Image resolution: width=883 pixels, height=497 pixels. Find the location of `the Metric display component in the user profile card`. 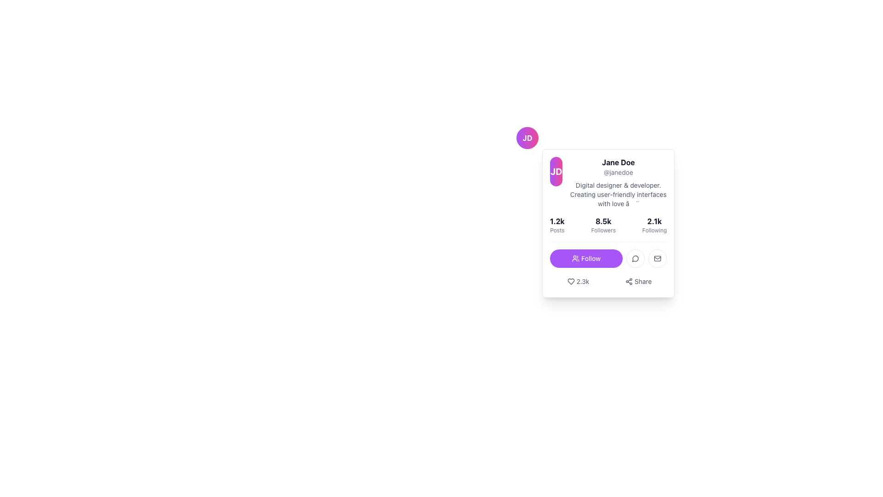

the Metric display component in the user profile card is located at coordinates (608, 228).